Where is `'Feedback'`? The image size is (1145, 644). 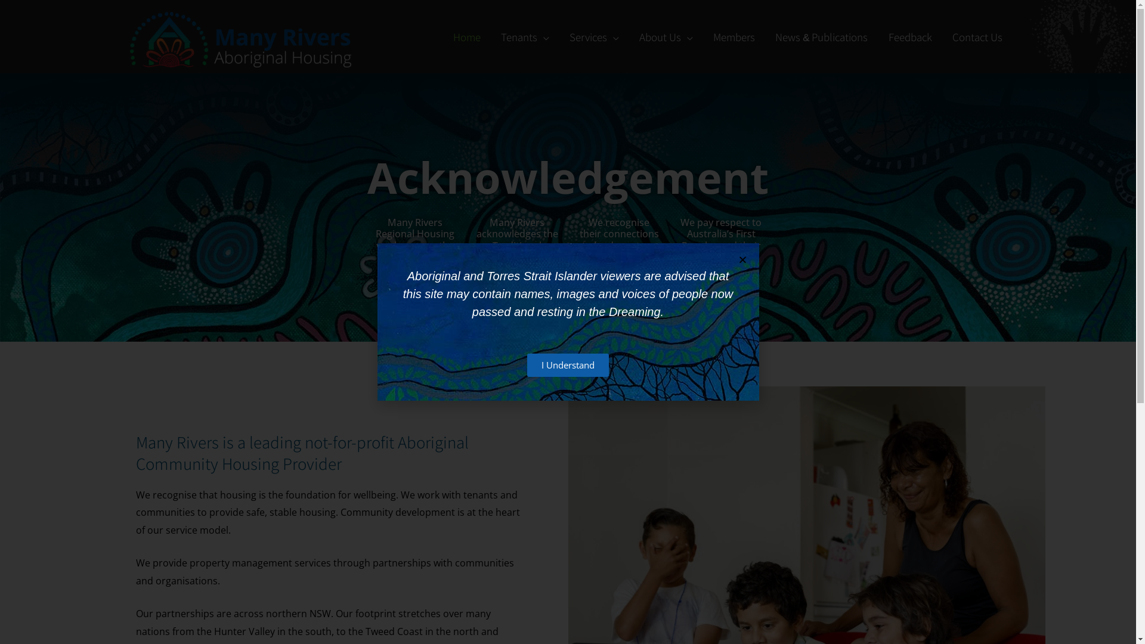 'Feedback' is located at coordinates (878, 36).